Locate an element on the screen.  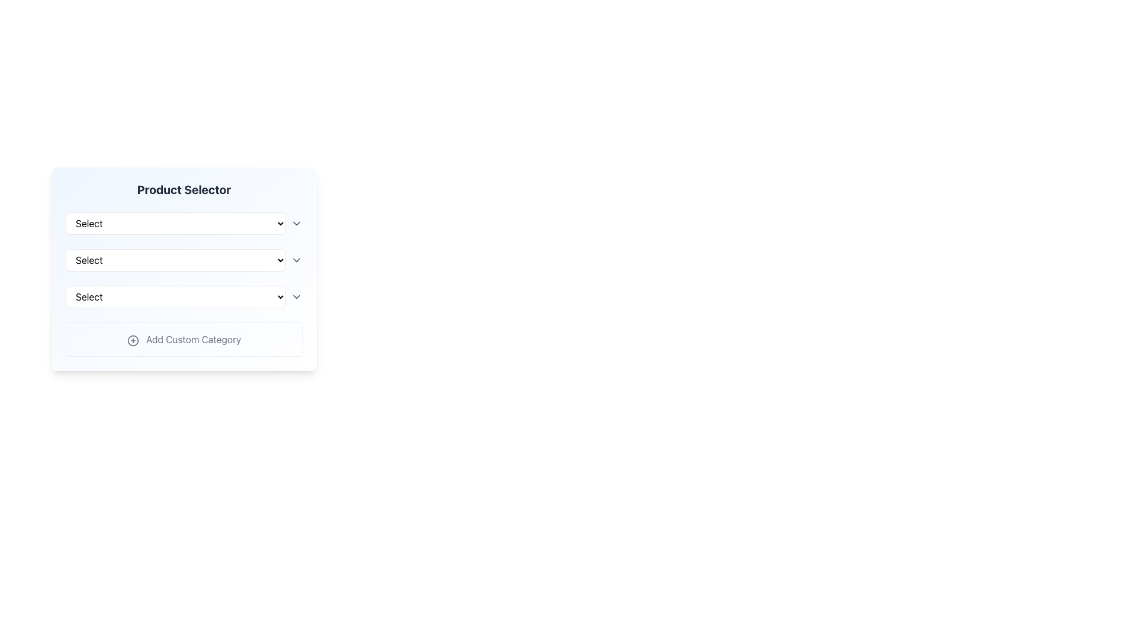
the downward-facing chevron icon for dropdown located to the right of the 'Select' text in the third dropdown row of the 'Product Selector' interface is located at coordinates (296, 296).